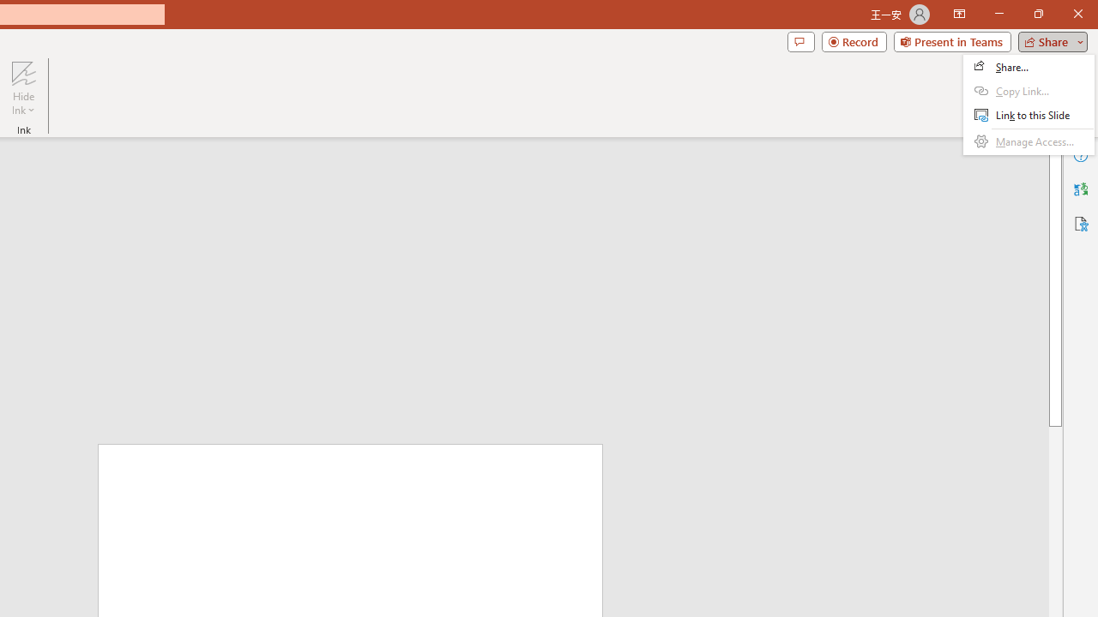 This screenshot has height=617, width=1098. I want to click on 'Hide Ink', so click(23, 72).